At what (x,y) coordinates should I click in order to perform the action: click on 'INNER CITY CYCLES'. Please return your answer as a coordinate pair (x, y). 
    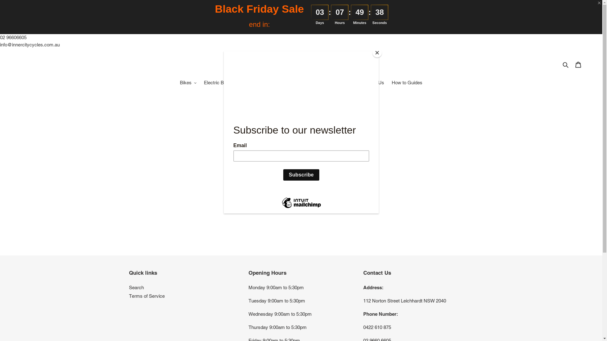
    Looking at the image, I should click on (301, 64).